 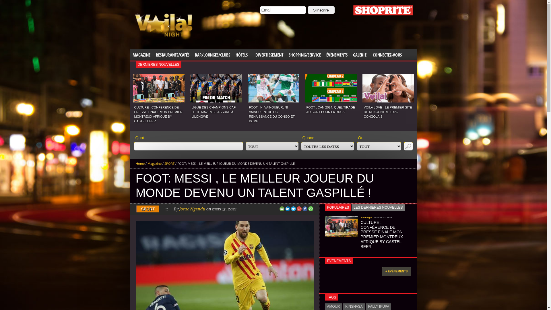 I want to click on 'Google+', so click(x=299, y=209).